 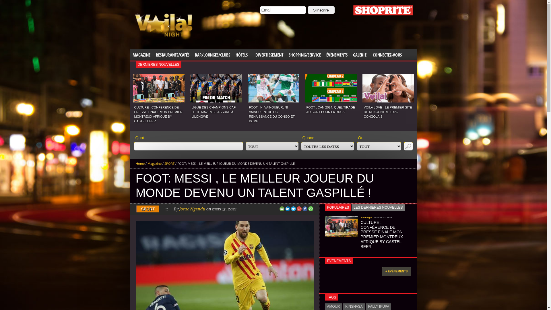 I want to click on 'Google+', so click(x=299, y=209).